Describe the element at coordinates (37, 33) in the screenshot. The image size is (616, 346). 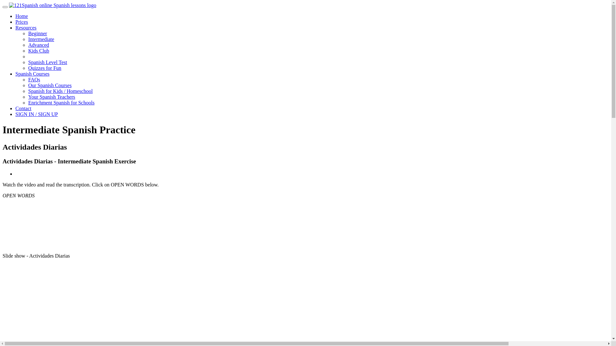
I see `'Beginner'` at that location.